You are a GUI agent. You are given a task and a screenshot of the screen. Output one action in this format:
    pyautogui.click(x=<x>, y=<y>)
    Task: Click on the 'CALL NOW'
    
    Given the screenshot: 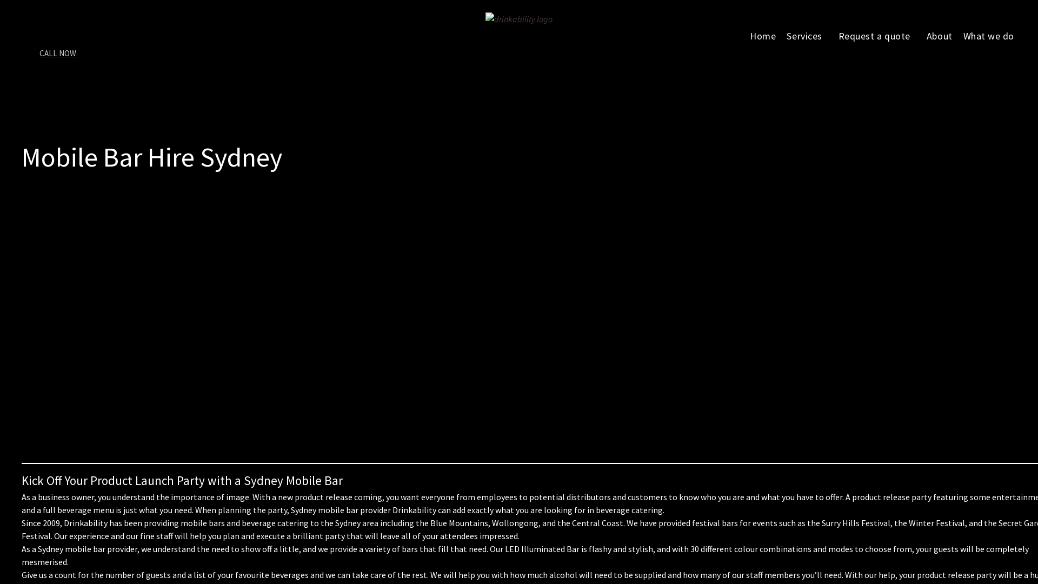 What is the action you would take?
    pyautogui.click(x=62, y=59)
    